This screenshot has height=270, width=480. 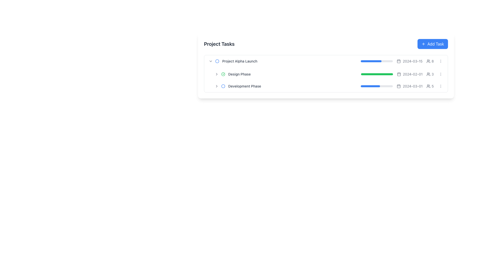 I want to click on label 'Project Alpha Launch' which is styled in a small, medium-weight gray font and located in the first row of the task list interface, aligned to the right of a circular status icon, so click(x=239, y=61).